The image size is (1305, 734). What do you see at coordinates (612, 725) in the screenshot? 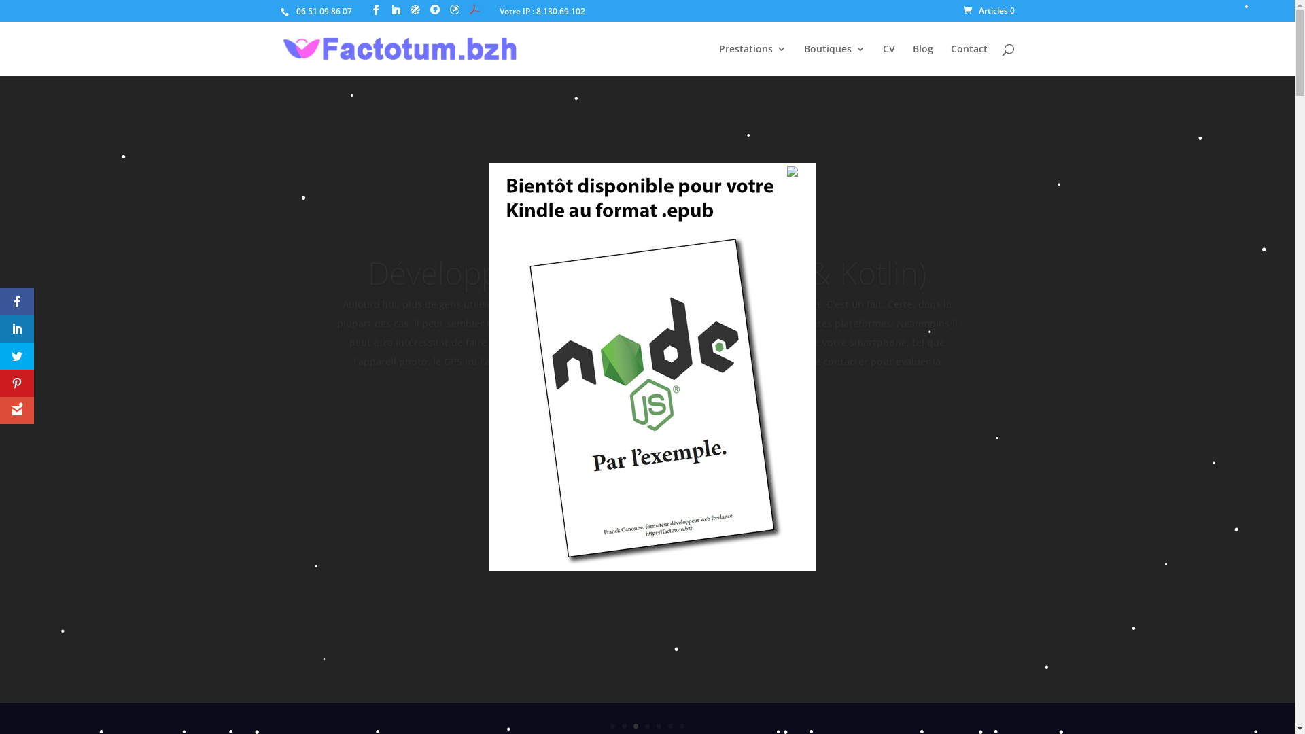
I see `'1'` at bounding box center [612, 725].